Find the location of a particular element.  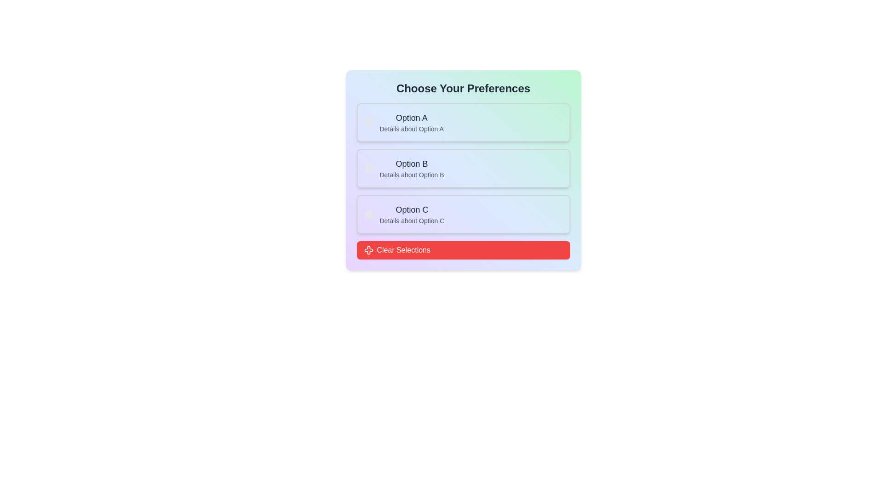

the first selectable list item labeled 'Option A' with details about it is located at coordinates (463, 122).